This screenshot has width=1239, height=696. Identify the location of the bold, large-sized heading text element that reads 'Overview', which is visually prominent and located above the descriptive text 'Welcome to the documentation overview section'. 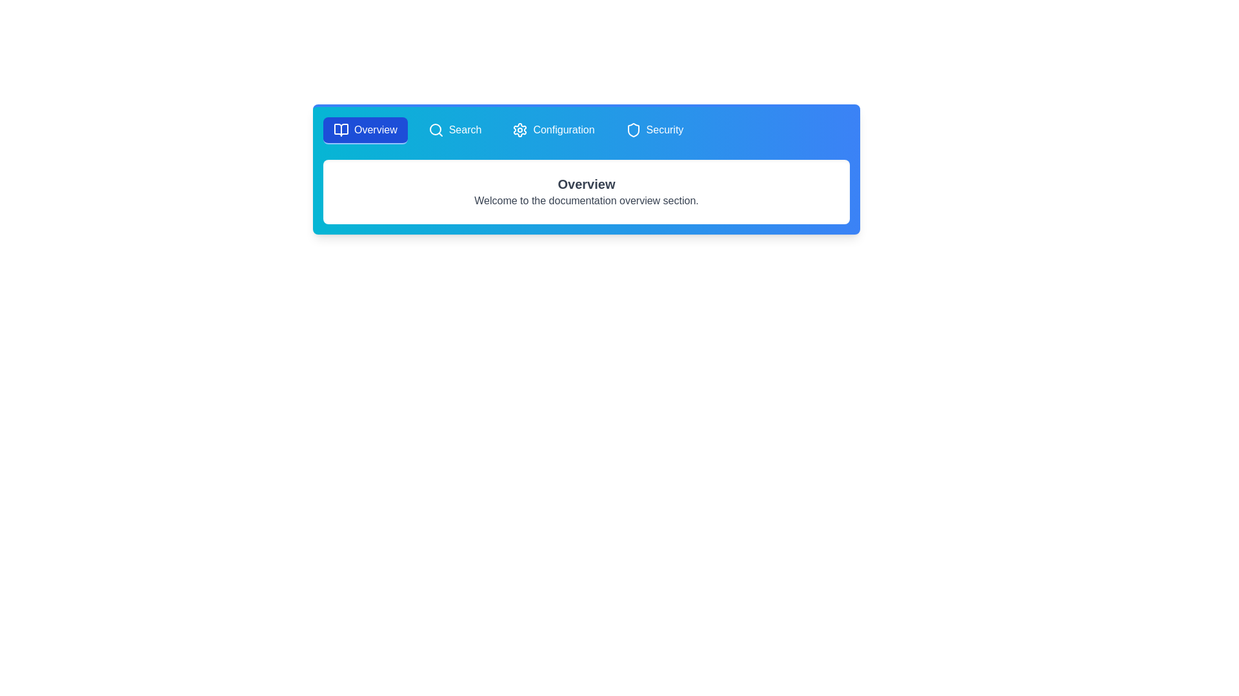
(585, 184).